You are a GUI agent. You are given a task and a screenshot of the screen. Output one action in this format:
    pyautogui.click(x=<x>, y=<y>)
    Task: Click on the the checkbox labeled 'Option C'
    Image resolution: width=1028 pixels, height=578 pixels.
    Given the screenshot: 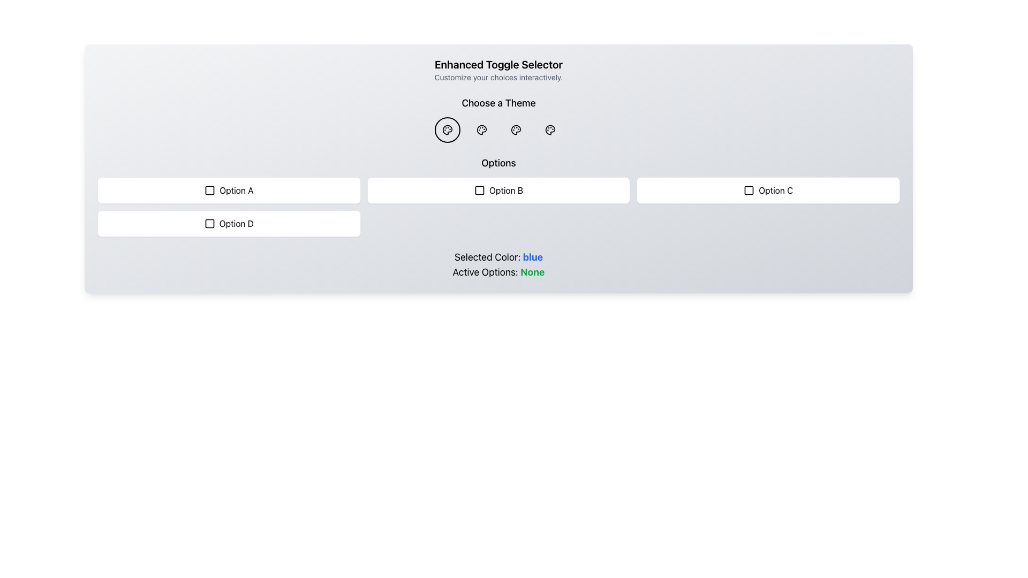 What is the action you would take?
    pyautogui.click(x=768, y=189)
    